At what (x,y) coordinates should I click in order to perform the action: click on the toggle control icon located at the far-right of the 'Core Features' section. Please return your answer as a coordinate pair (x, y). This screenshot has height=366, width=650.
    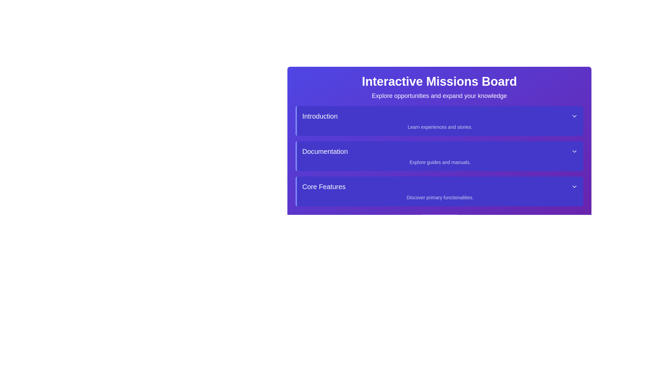
    Looking at the image, I should click on (574, 187).